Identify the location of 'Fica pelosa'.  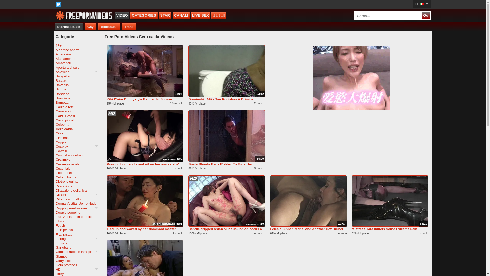
(77, 229).